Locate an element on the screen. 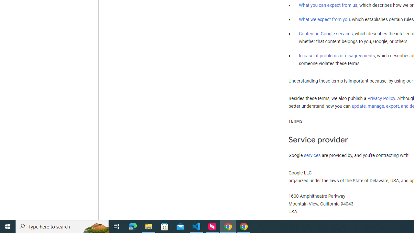 Image resolution: width=414 pixels, height=233 pixels. 'What we expect from you' is located at coordinates (324, 19).